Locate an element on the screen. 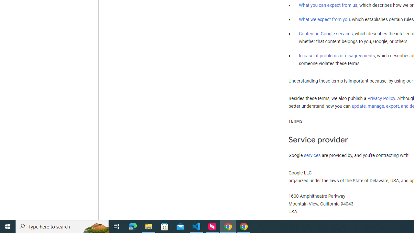 Image resolution: width=414 pixels, height=233 pixels. 'What we expect from you' is located at coordinates (324, 19).